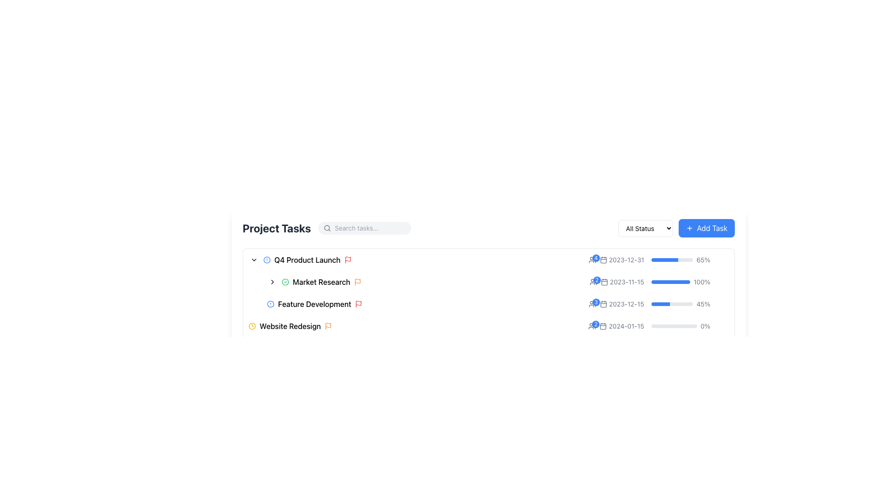 This screenshot has height=497, width=884. Describe the element at coordinates (252, 326) in the screenshot. I see `the yellow clock icon located on the far-left side next to 'Website Redesign' in the Project Tasks list` at that location.